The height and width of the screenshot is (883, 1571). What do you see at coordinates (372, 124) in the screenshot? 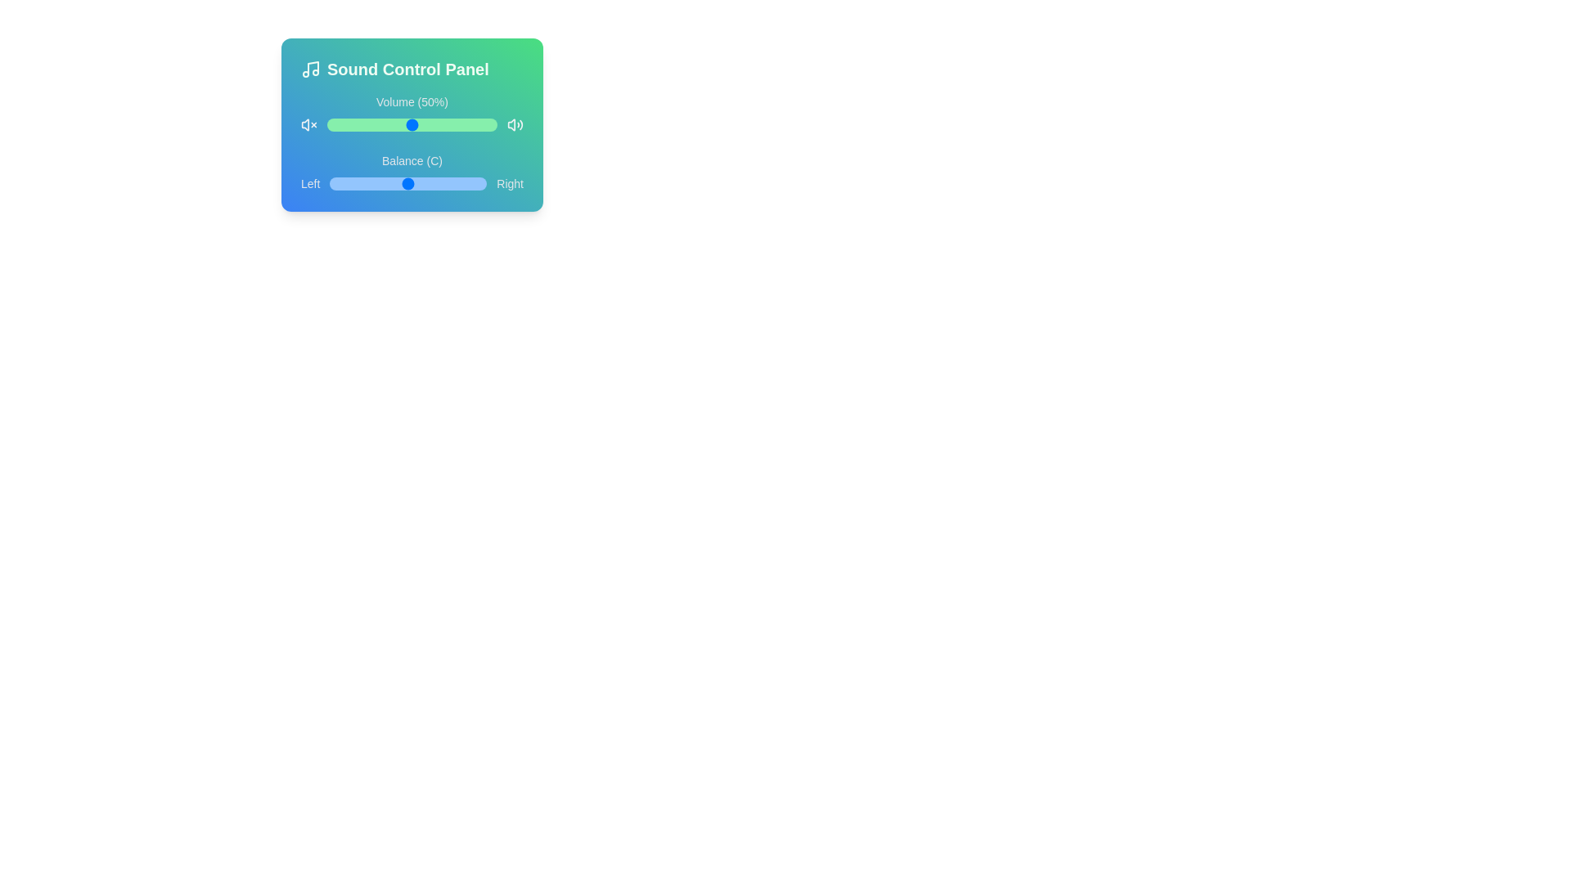
I see `the volume level` at bounding box center [372, 124].